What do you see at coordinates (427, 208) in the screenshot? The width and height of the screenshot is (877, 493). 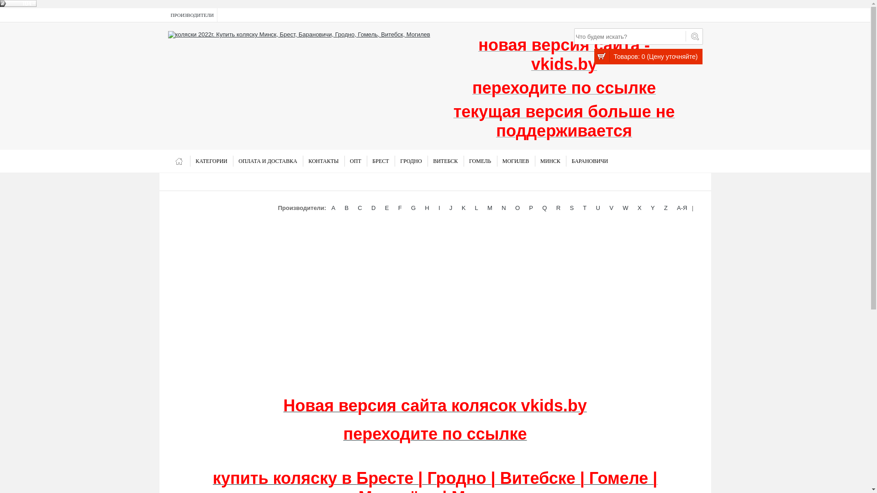 I see `'H'` at bounding box center [427, 208].